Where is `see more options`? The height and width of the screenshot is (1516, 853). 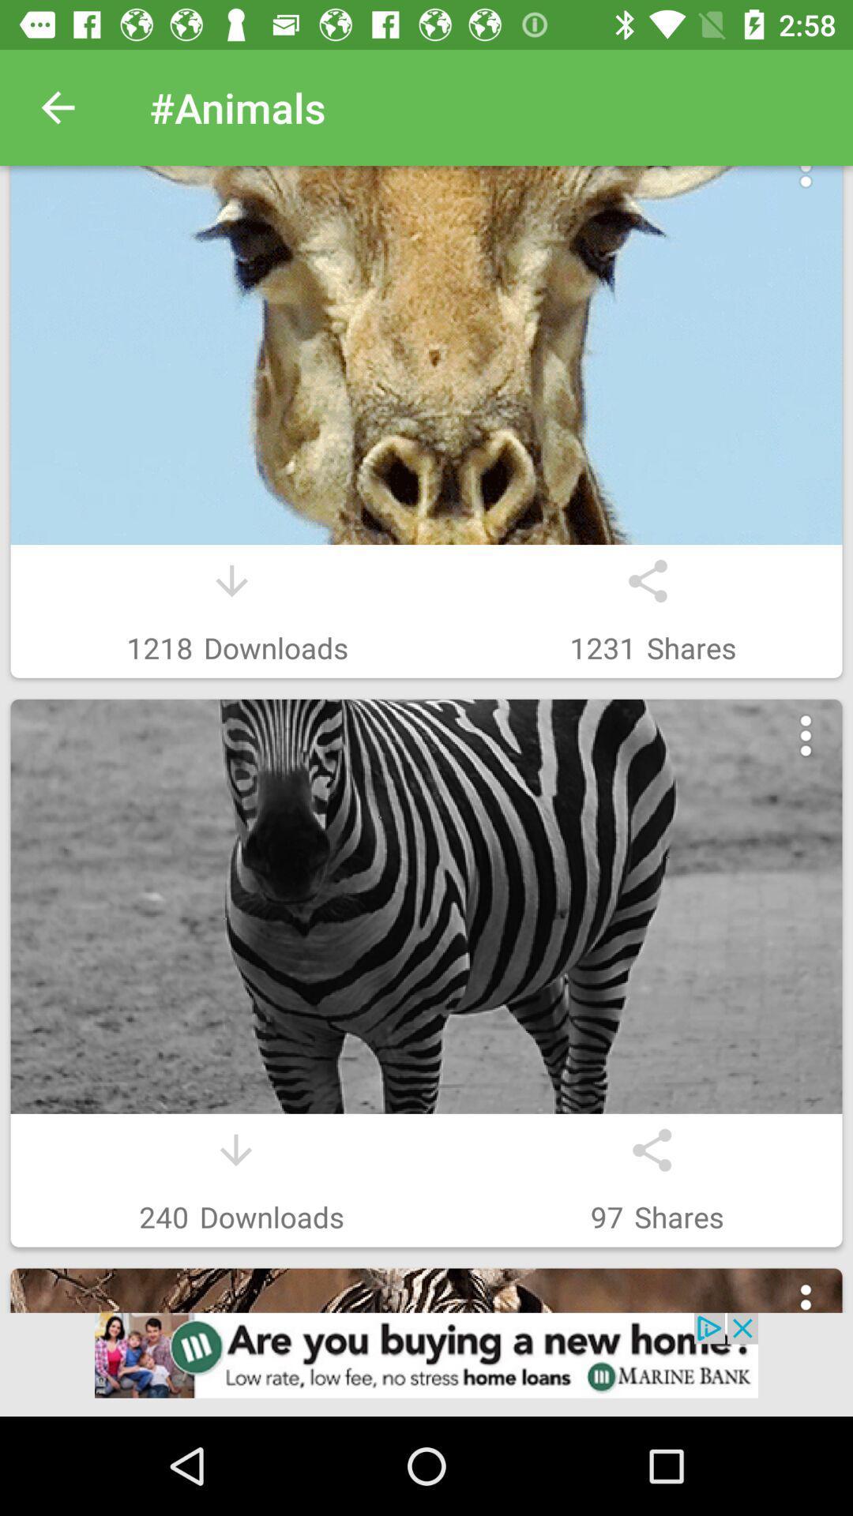
see more options is located at coordinates (806, 184).